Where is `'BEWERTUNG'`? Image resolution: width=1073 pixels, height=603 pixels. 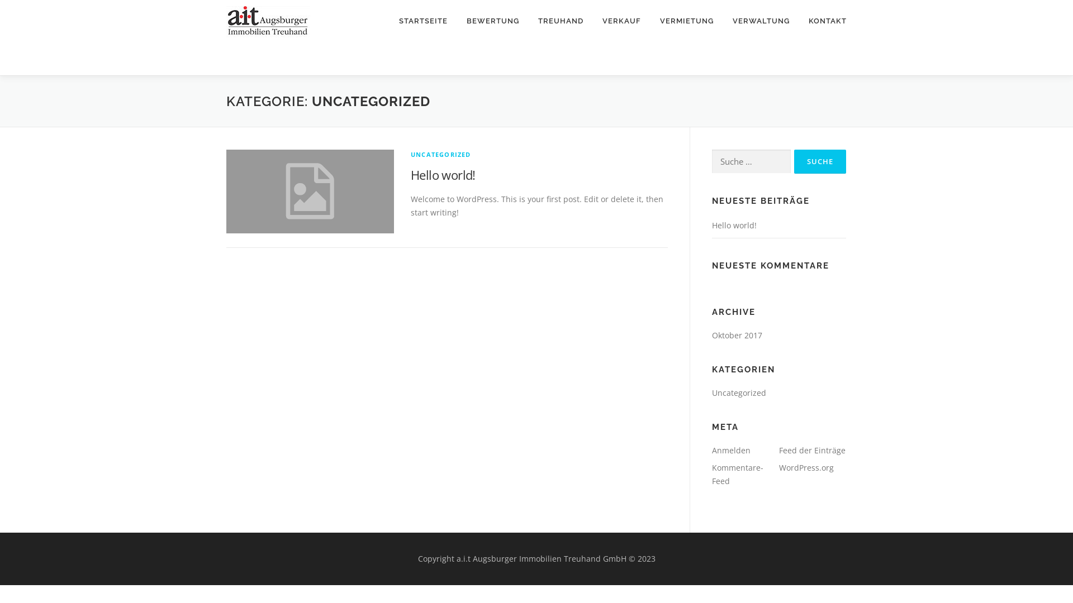
'BEWERTUNG' is located at coordinates (492, 21).